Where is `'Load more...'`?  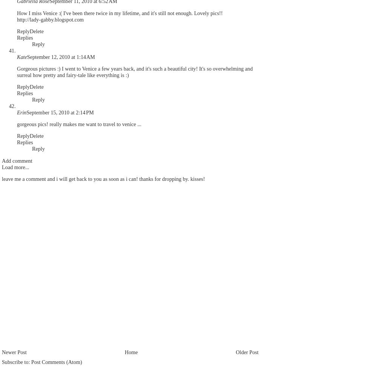 'Load more...' is located at coordinates (1, 167).